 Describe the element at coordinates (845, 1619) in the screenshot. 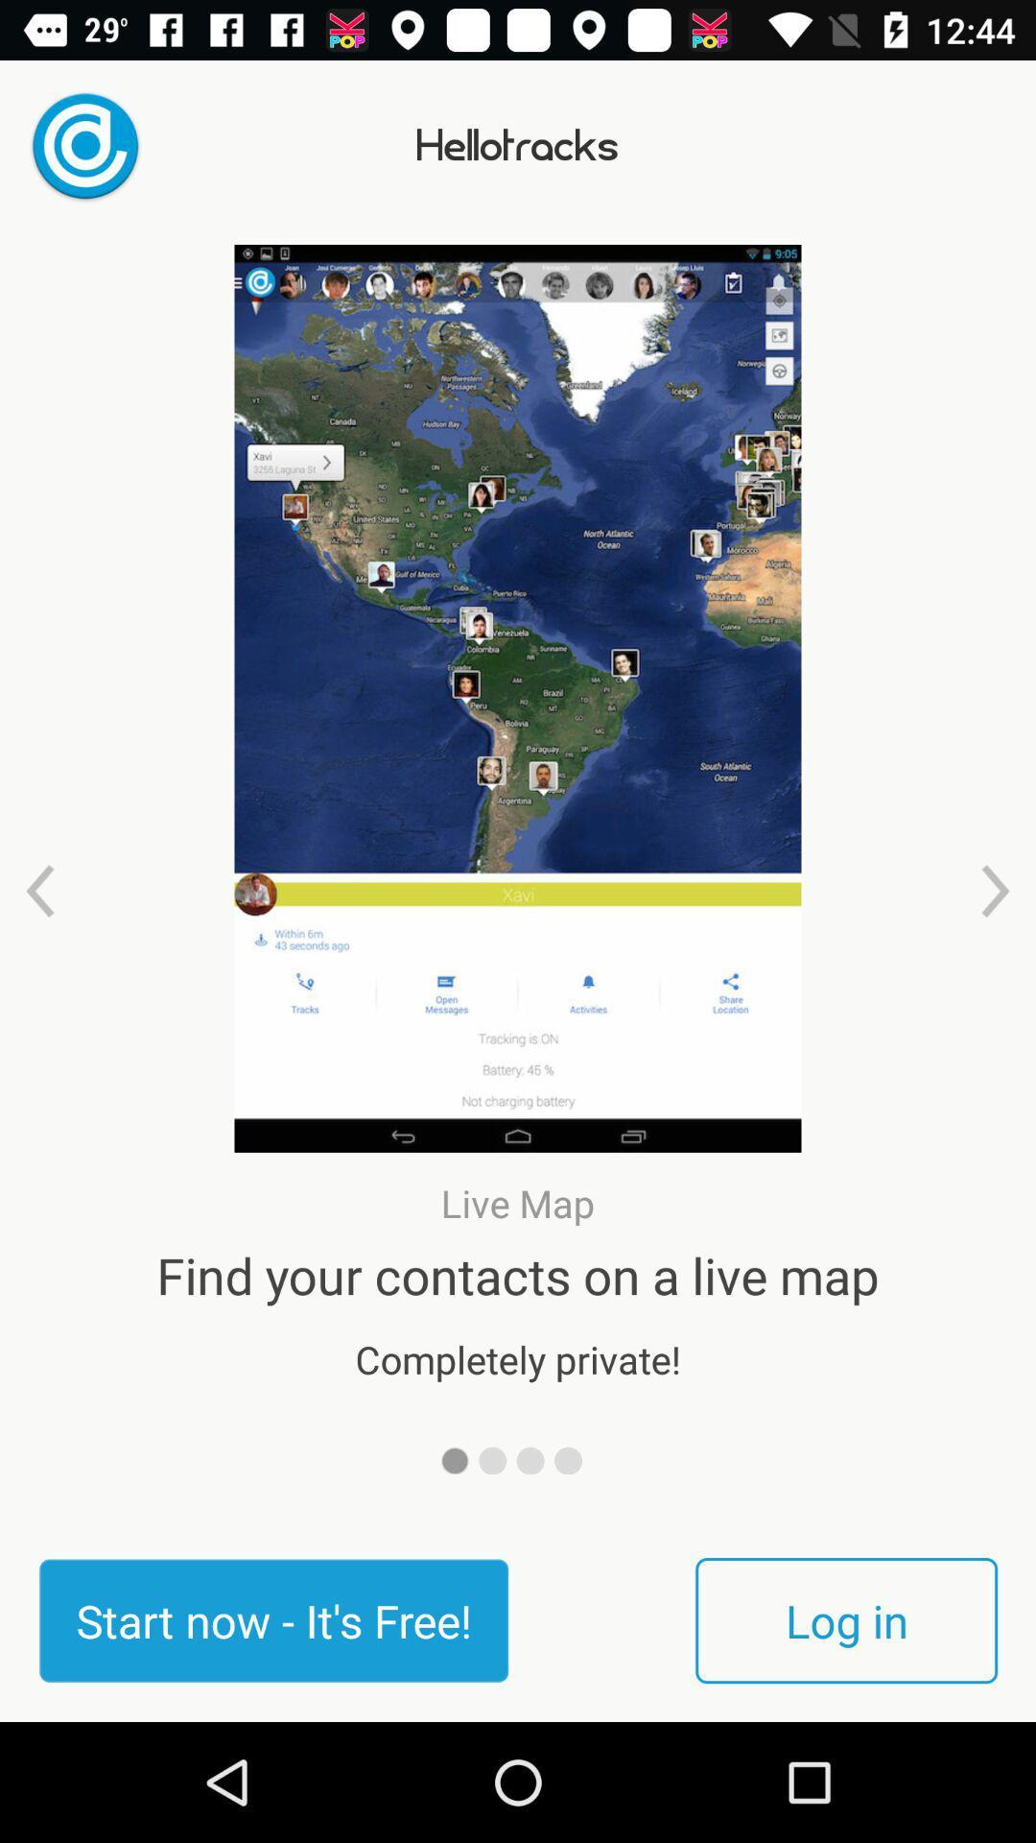

I see `log in item` at that location.